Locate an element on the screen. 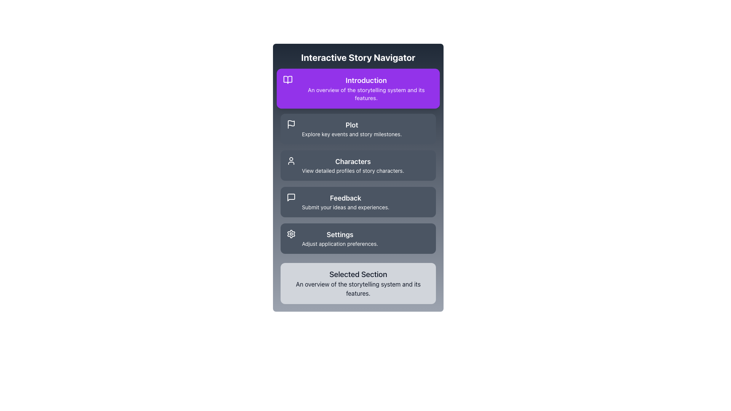 This screenshot has width=731, height=411. the interactive card in the vertical menu located beneath the 'Interactive Story Navigator' title to receive visual feedback is located at coordinates (358, 161).